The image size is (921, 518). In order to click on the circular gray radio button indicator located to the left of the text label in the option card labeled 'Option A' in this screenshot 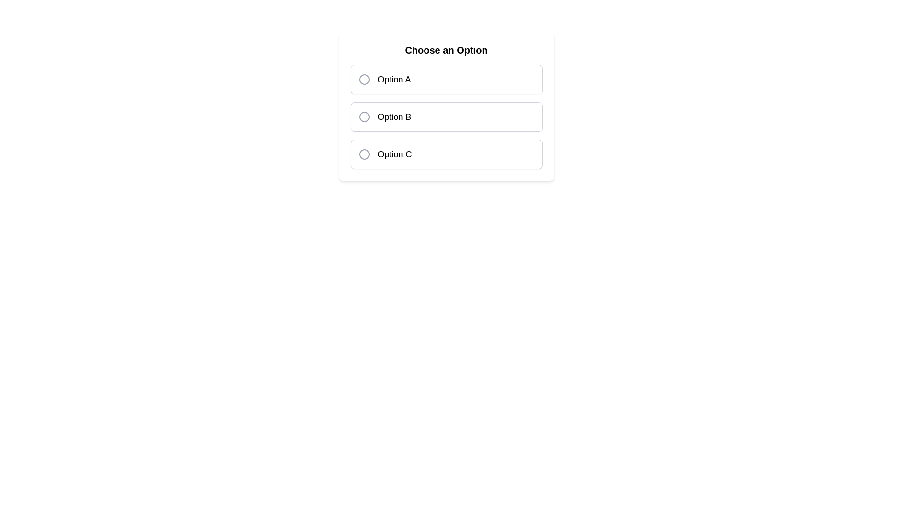, I will do `click(364, 79)`.